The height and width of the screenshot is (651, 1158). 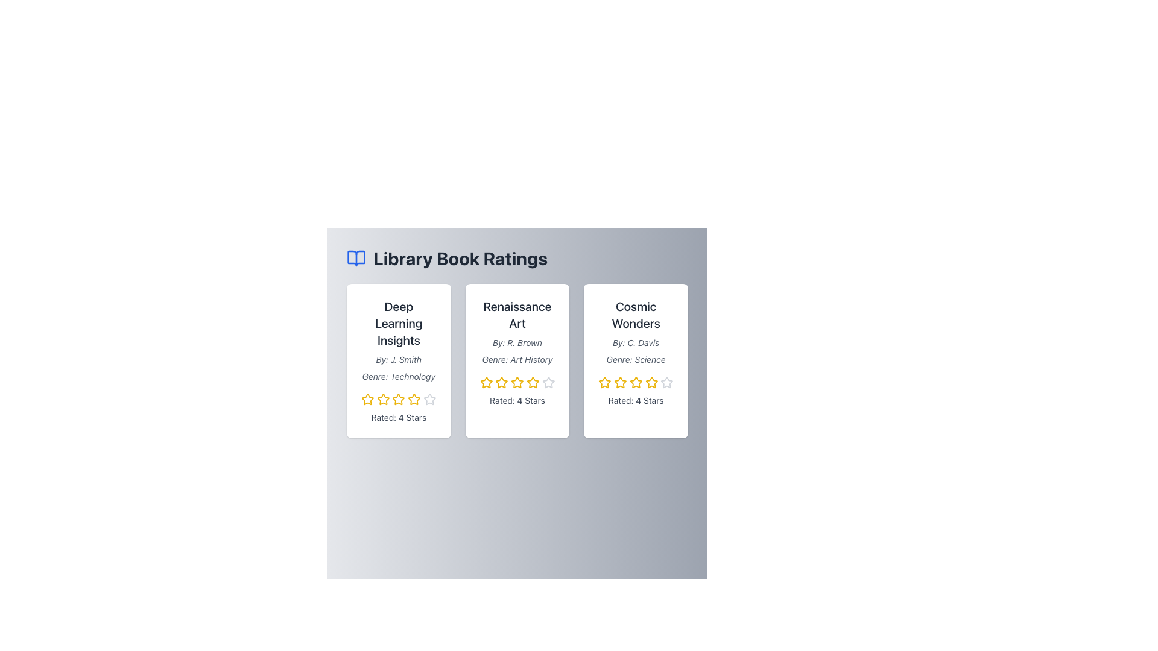 What do you see at coordinates (548, 383) in the screenshot?
I see `the fifth star icon in the rating component located beneath the text 'Rated: 4 Stars' for the book 'Renaissance Art' to interact with the rating system` at bounding box center [548, 383].